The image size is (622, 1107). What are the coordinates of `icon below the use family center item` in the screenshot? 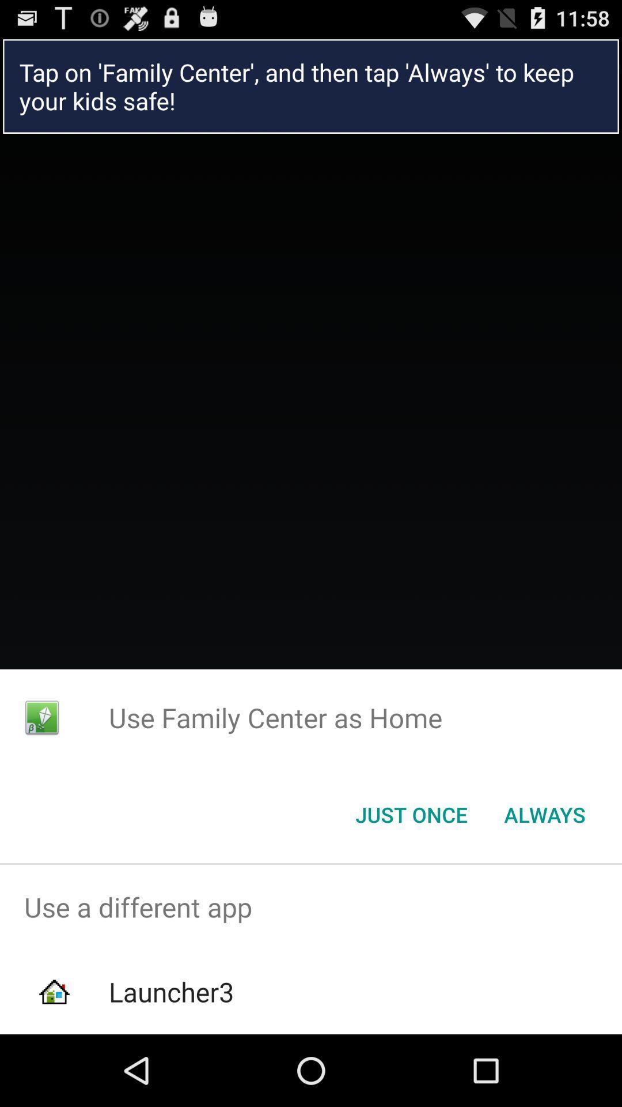 It's located at (544, 814).